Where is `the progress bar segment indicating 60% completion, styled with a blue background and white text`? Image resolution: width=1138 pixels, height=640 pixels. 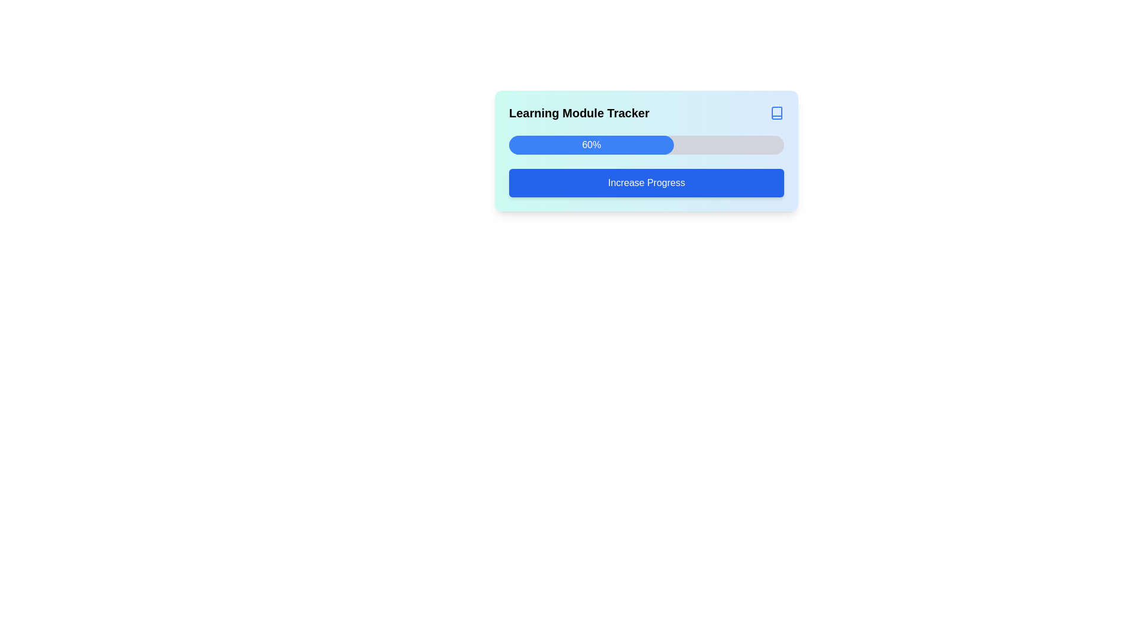 the progress bar segment indicating 60% completion, styled with a blue background and white text is located at coordinates (592, 145).